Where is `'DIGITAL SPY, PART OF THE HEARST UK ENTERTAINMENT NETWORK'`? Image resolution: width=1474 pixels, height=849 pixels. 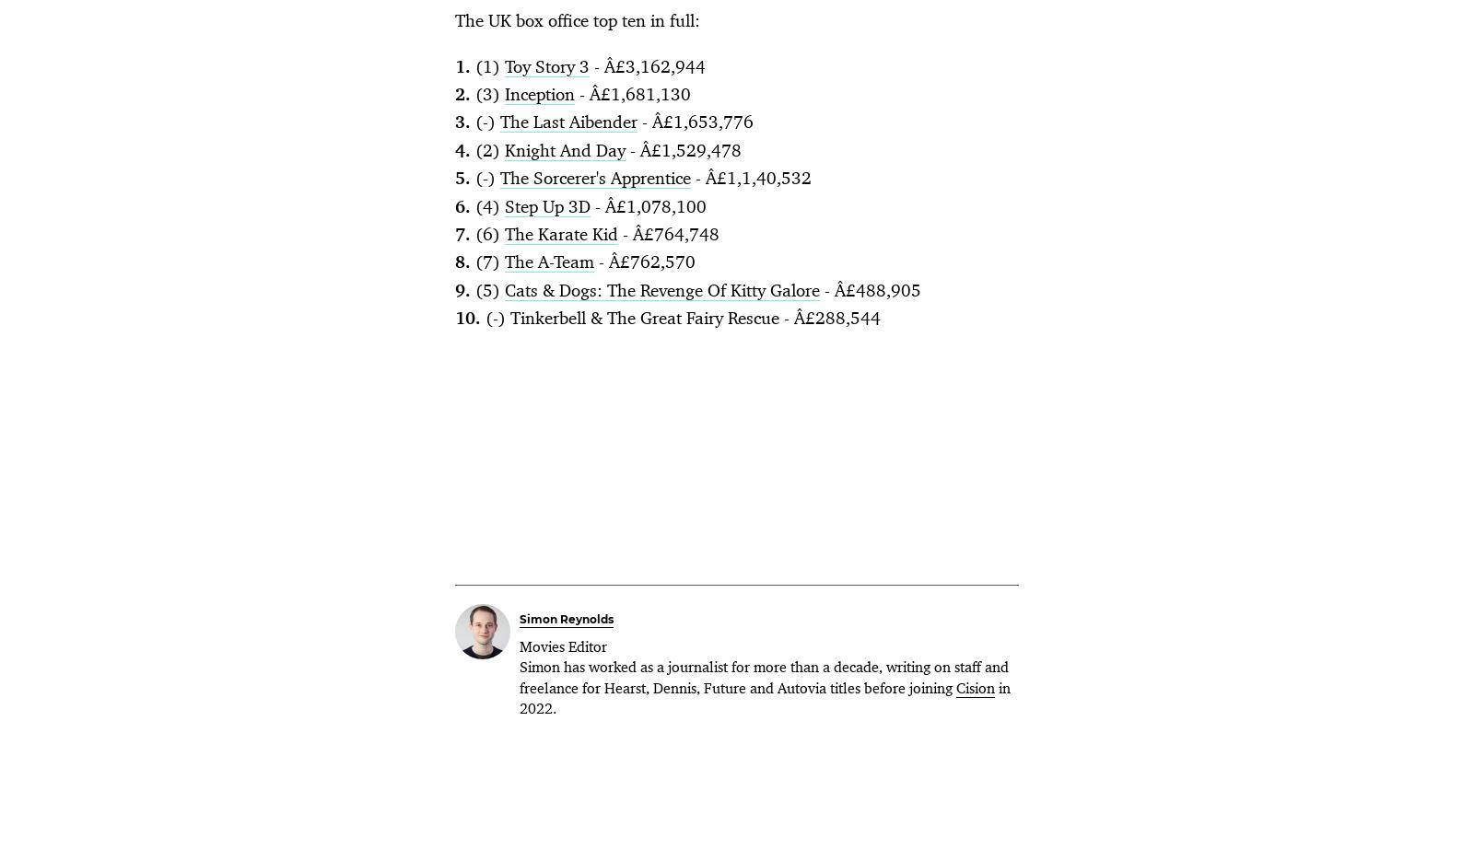
'DIGITAL SPY, PART OF THE HEARST UK ENTERTAINMENT NETWORK' is located at coordinates (415, 488).